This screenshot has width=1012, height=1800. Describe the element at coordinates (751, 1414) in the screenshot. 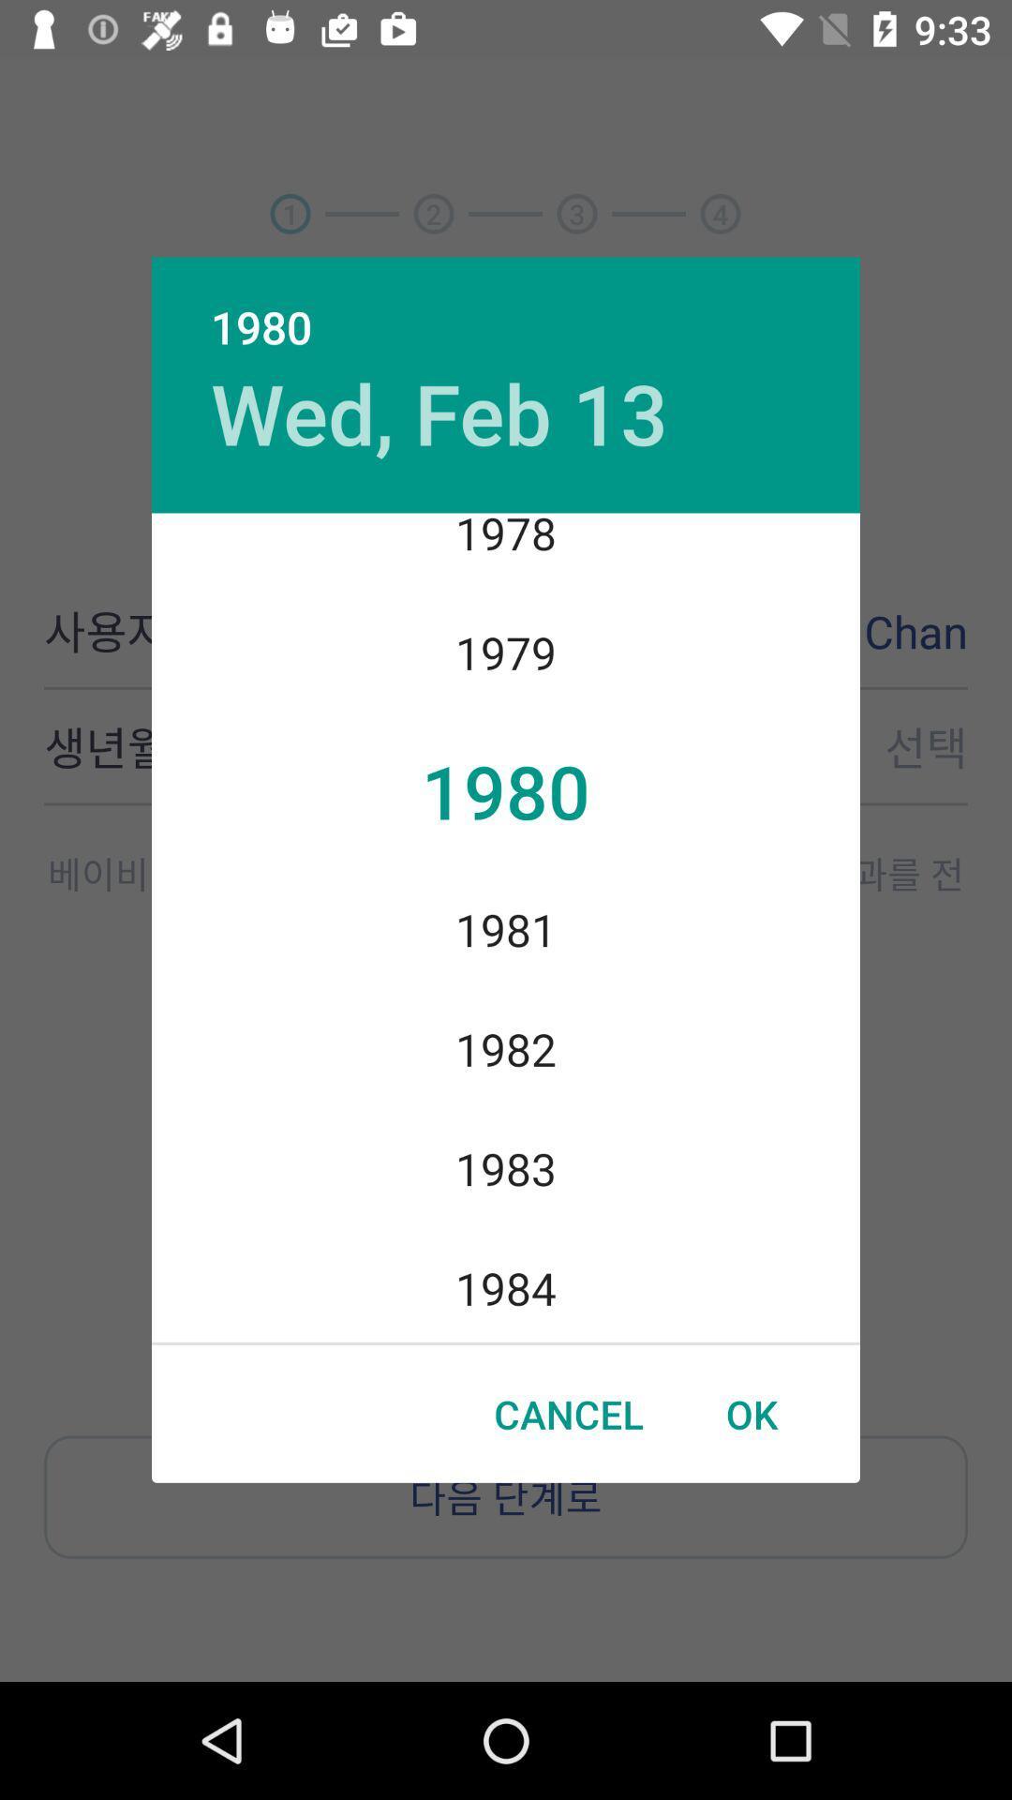

I see `the ok item` at that location.